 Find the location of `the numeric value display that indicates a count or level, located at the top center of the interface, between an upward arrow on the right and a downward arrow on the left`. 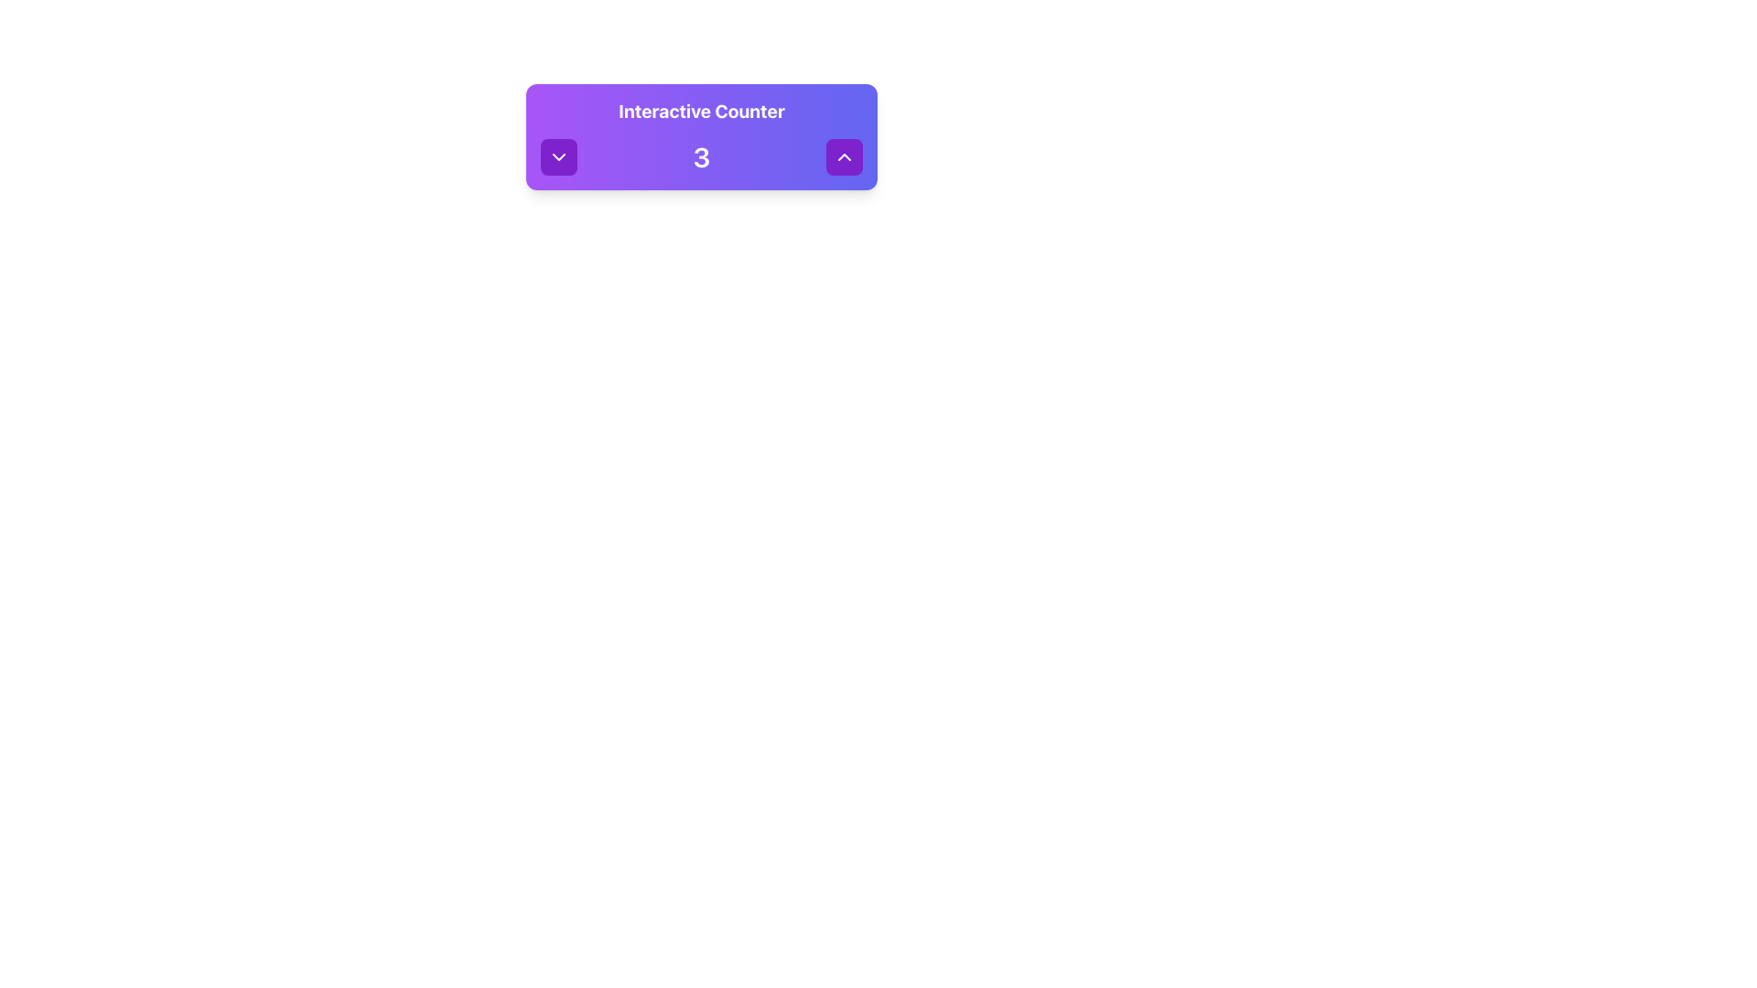

the numeric value display that indicates a count or level, located at the top center of the interface, between an upward arrow on the right and a downward arrow on the left is located at coordinates (701, 156).